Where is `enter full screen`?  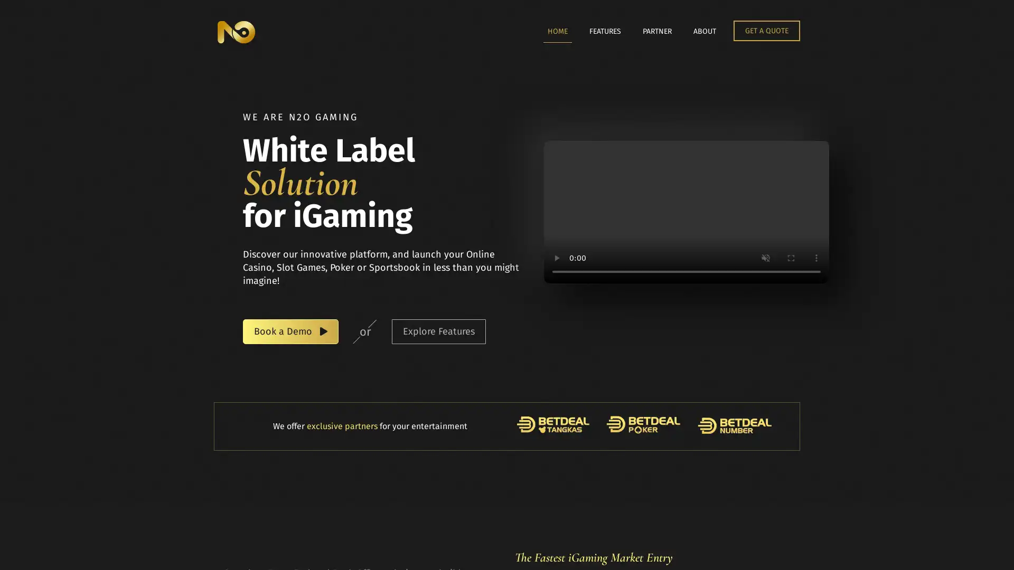 enter full screen is located at coordinates (791, 258).